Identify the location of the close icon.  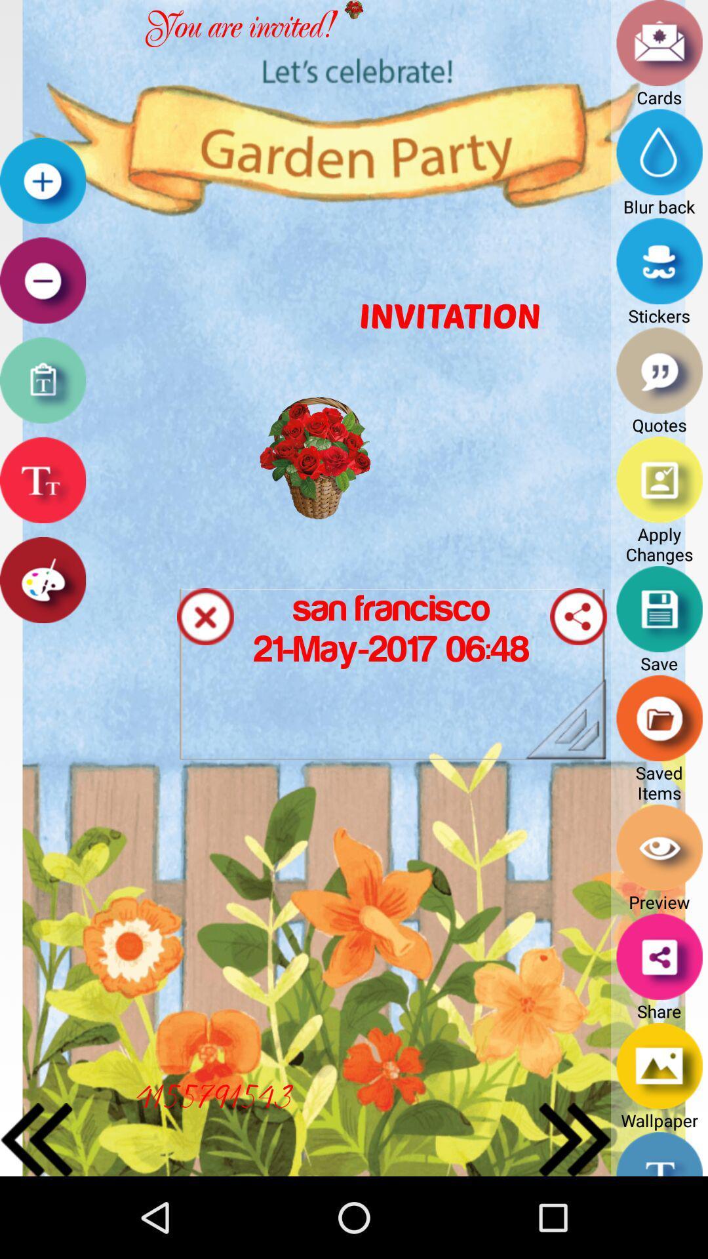
(205, 660).